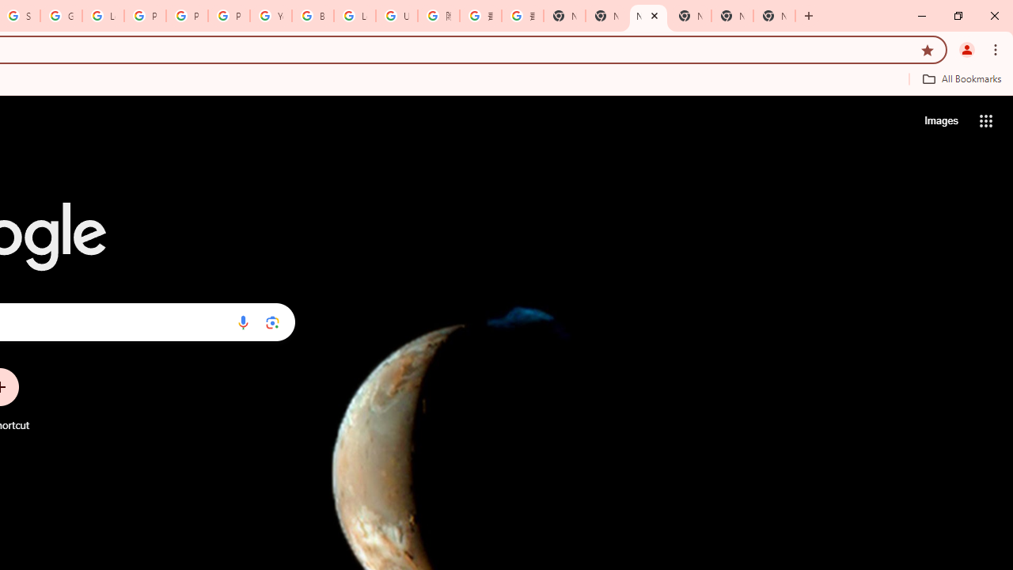  What do you see at coordinates (272, 321) in the screenshot?
I see `'Search by image'` at bounding box center [272, 321].